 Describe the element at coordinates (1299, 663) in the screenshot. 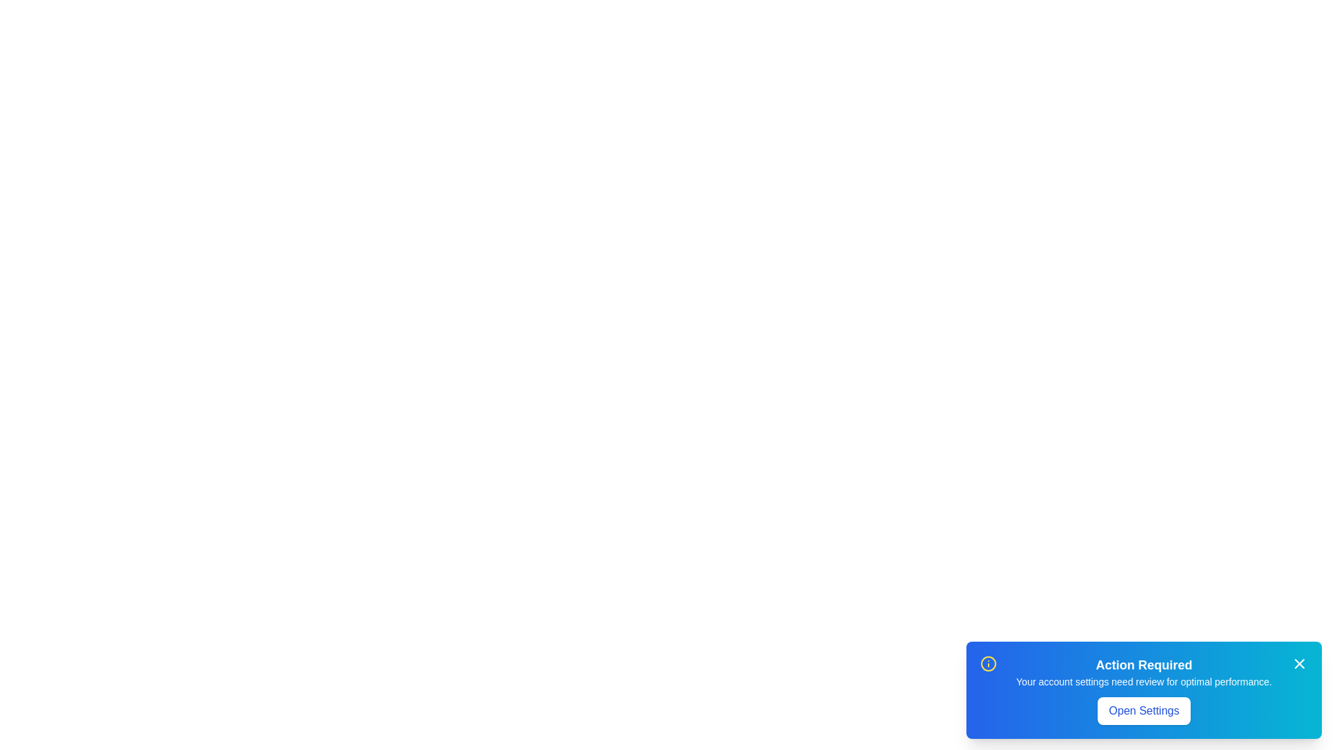

I see `the close button to dismiss the snackbar` at that location.